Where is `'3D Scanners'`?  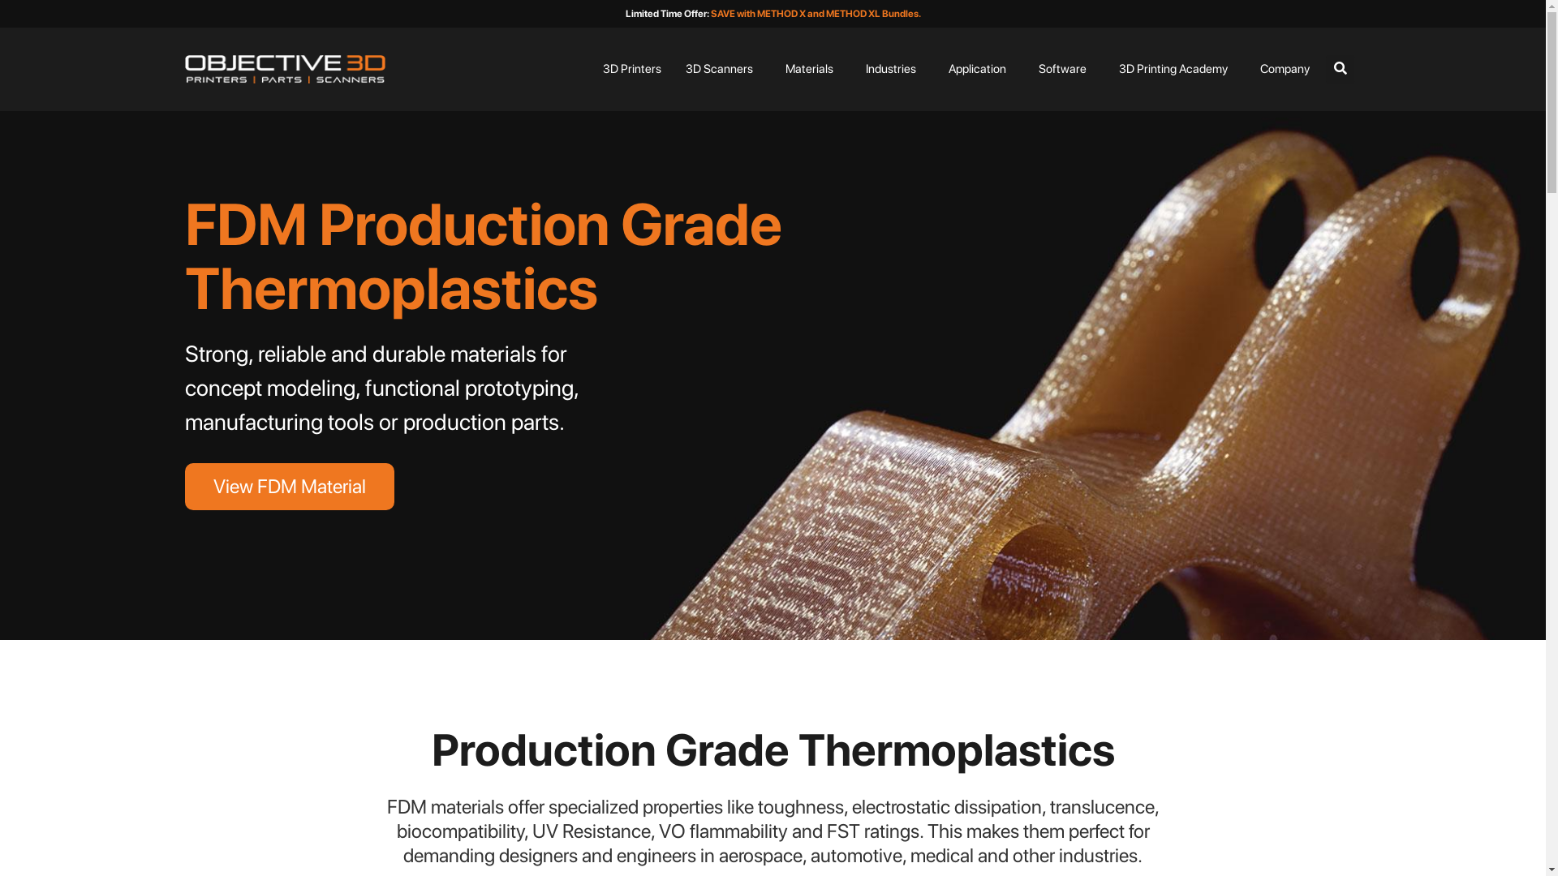
'3D Scanners' is located at coordinates (718, 68).